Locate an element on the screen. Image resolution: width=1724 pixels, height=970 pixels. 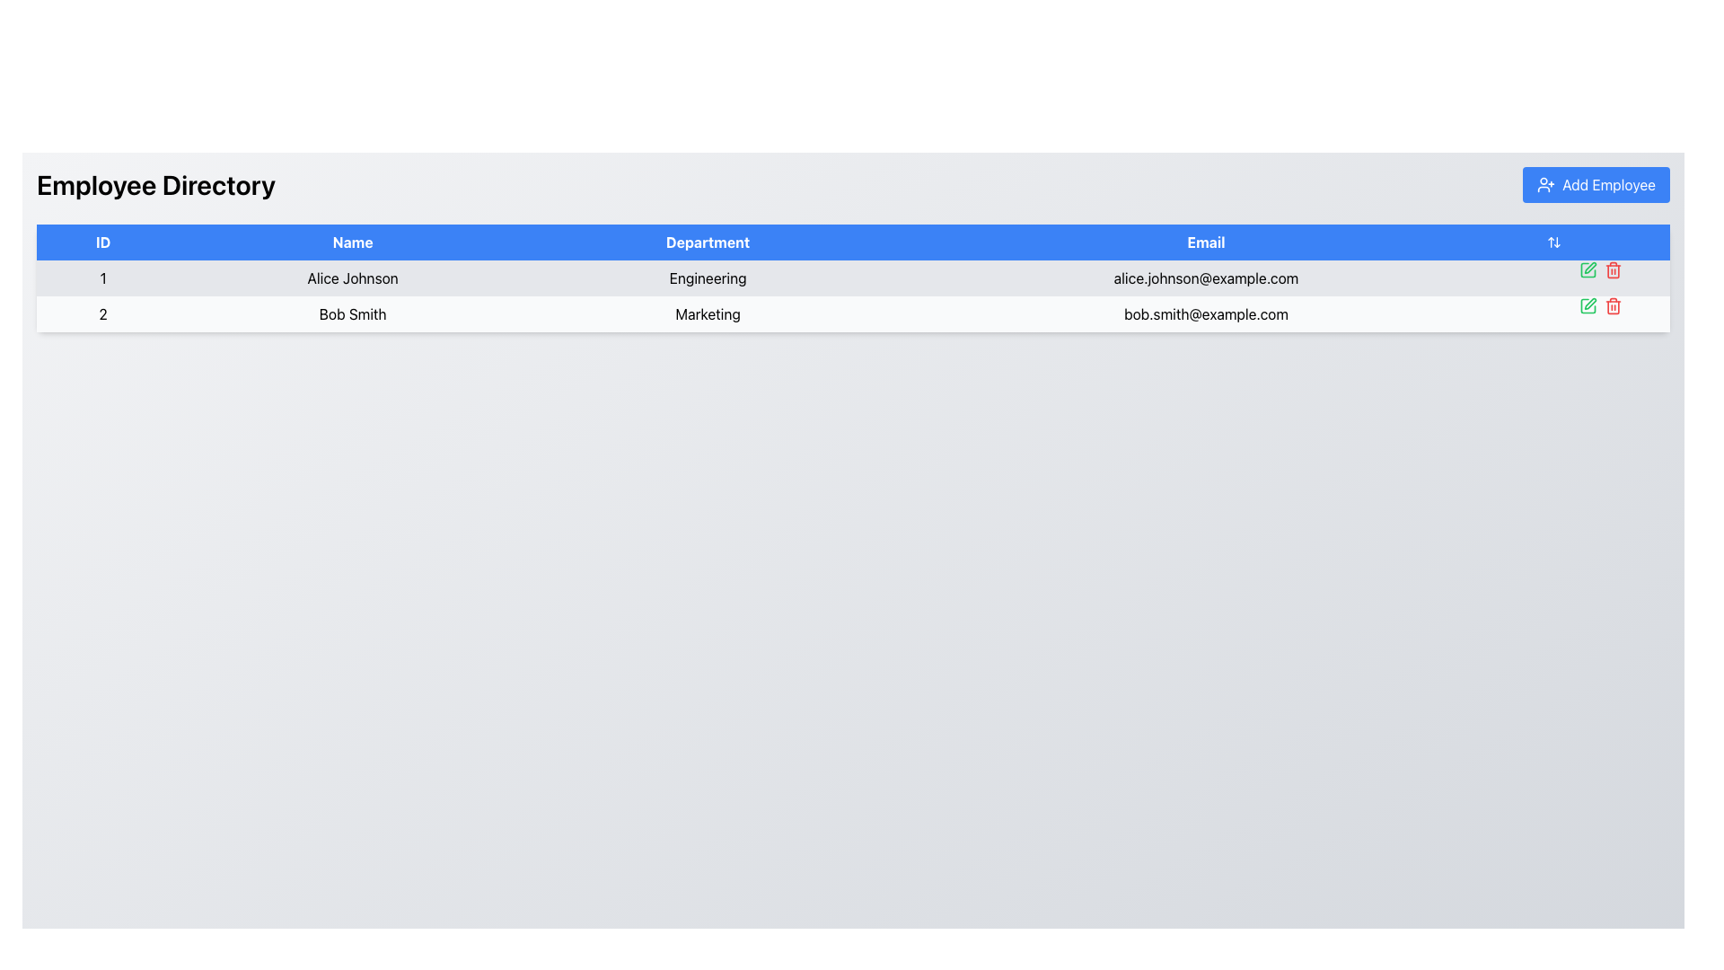
the button located at the top-right corner of the page header in the 'Employee Directory' section is located at coordinates (1596, 184).